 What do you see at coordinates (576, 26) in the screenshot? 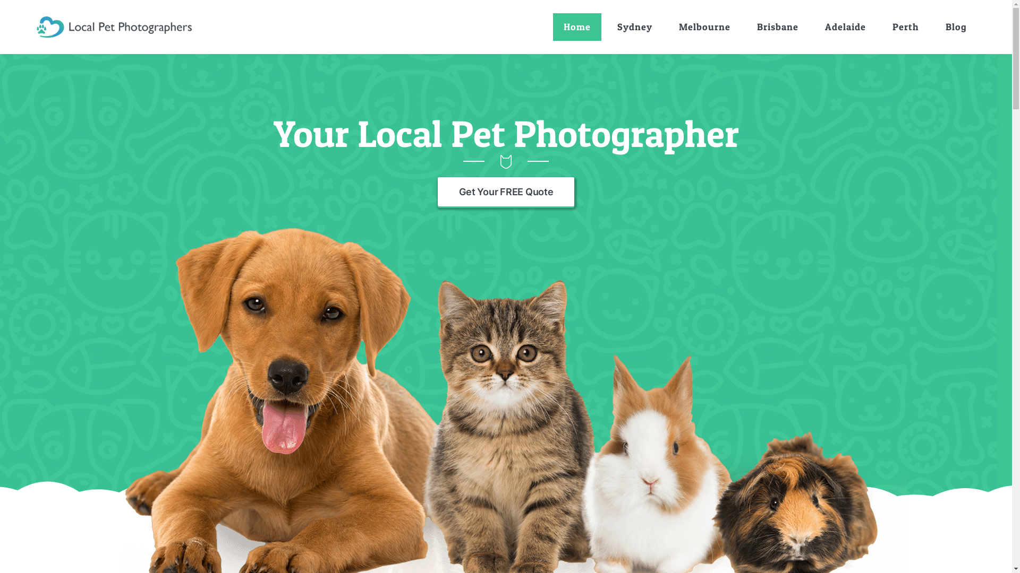
I see `'Home'` at bounding box center [576, 26].